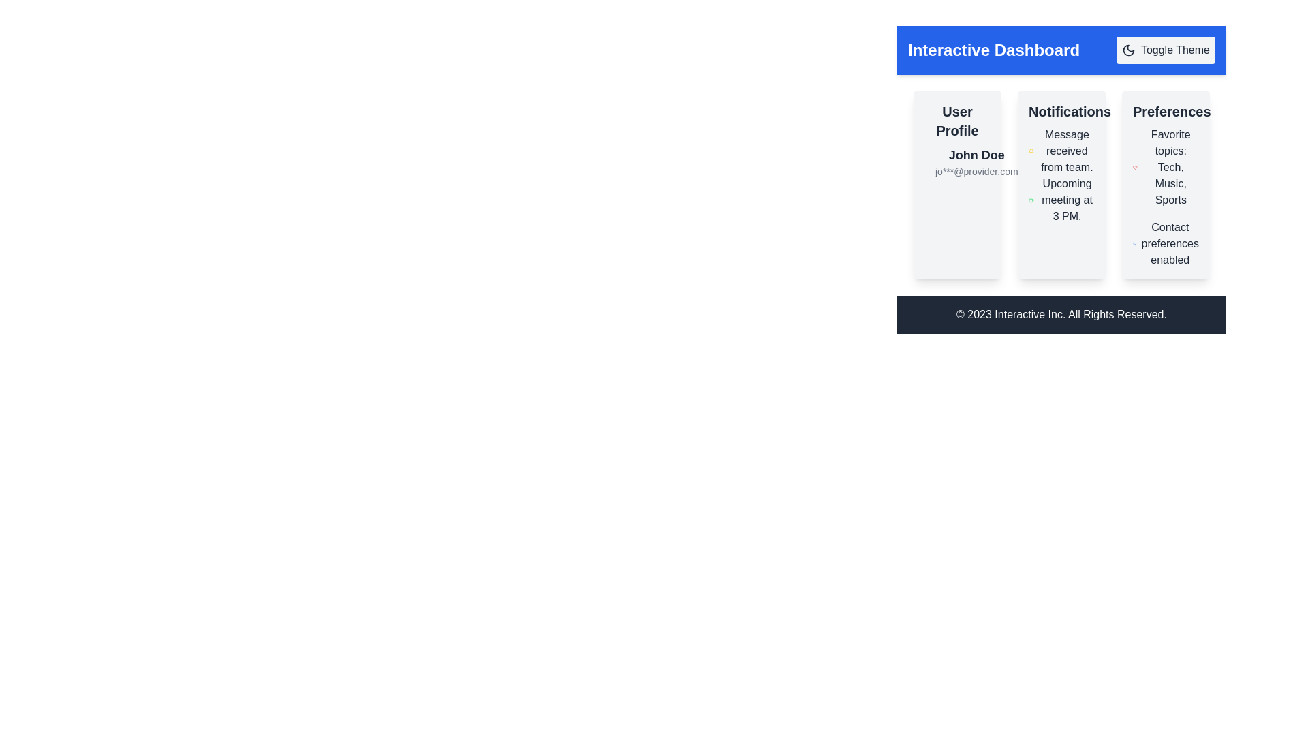 This screenshot has height=736, width=1308. What do you see at coordinates (1135, 167) in the screenshot?
I see `the small red heart icon indicating 'like' or 'favorite', located to the left of the text 'Favorite topics: Tech, Music, Sports'` at bounding box center [1135, 167].